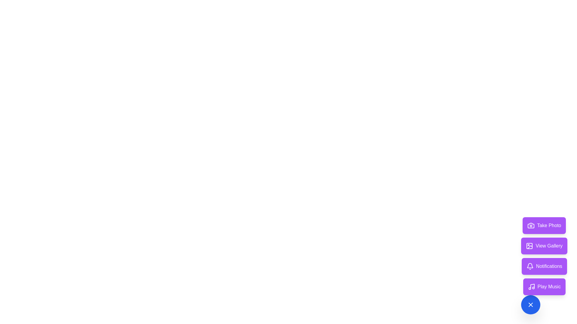 The width and height of the screenshot is (577, 324). What do you see at coordinates (544, 266) in the screenshot?
I see `the 'Notifications' button, which has a purple background and white text` at bounding box center [544, 266].